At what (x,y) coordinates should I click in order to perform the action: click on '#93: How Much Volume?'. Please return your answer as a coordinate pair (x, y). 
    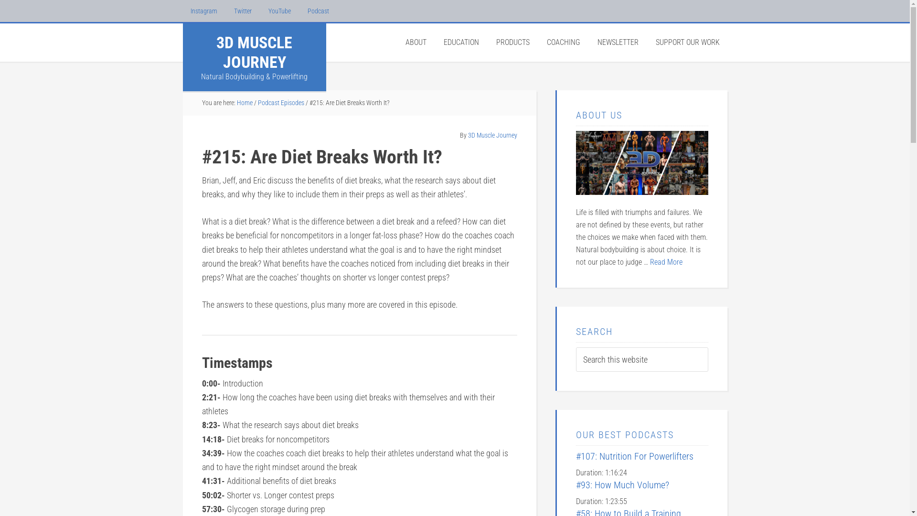
    Looking at the image, I should click on (575, 484).